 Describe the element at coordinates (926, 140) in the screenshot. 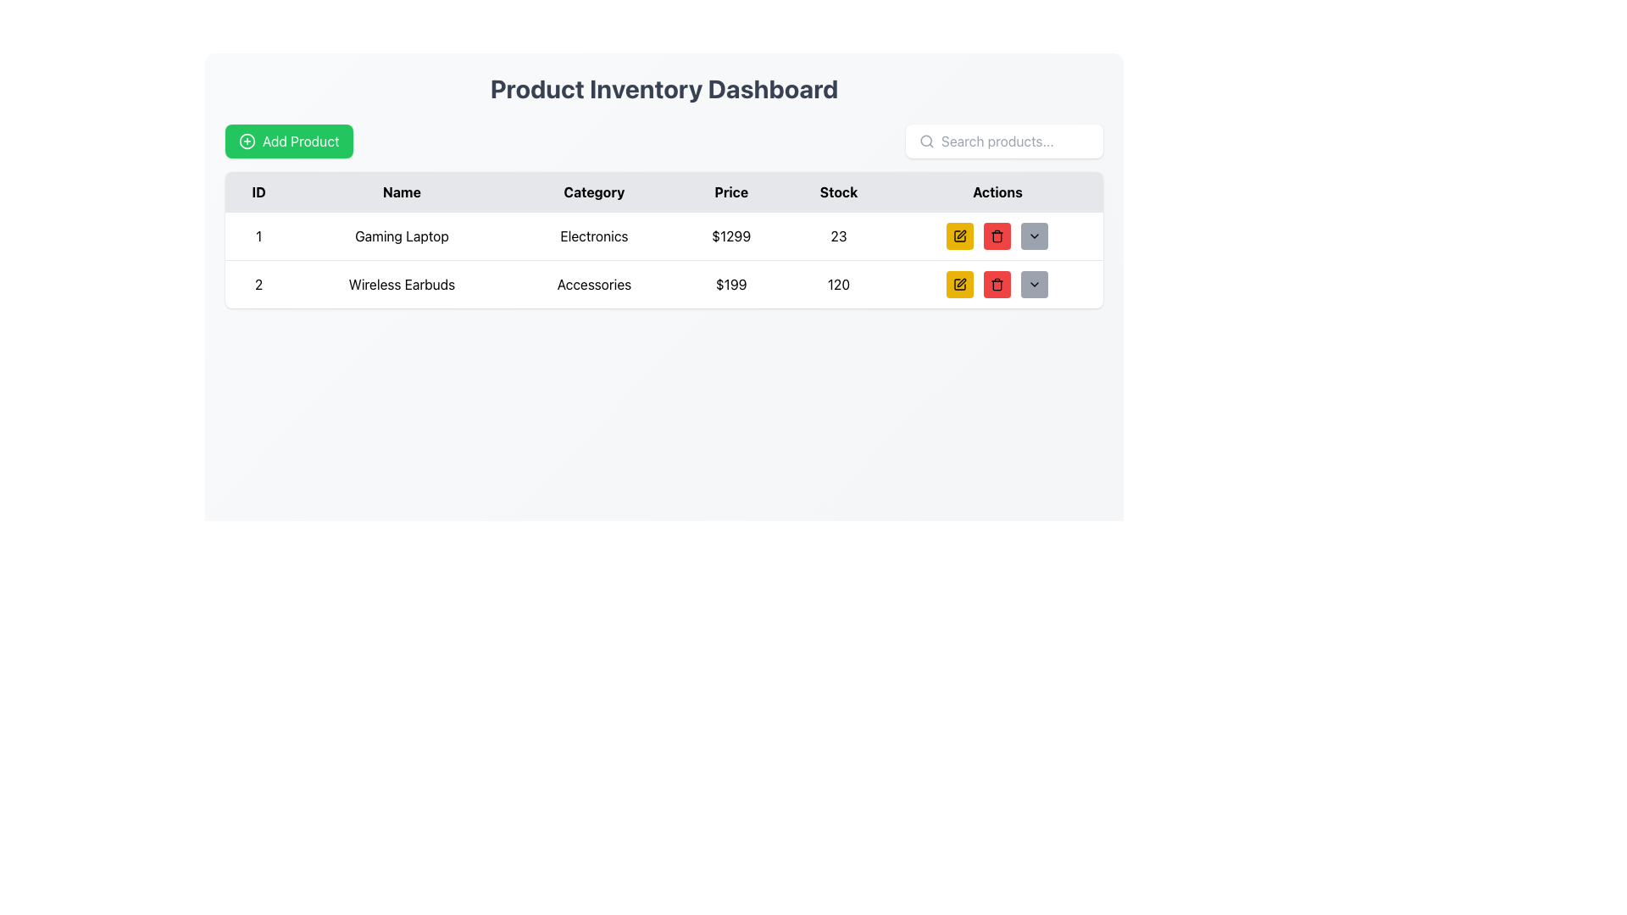

I see `the search icon located to the left of the 'Search products...' text input box in the top right corner of the dashboard interface` at that location.